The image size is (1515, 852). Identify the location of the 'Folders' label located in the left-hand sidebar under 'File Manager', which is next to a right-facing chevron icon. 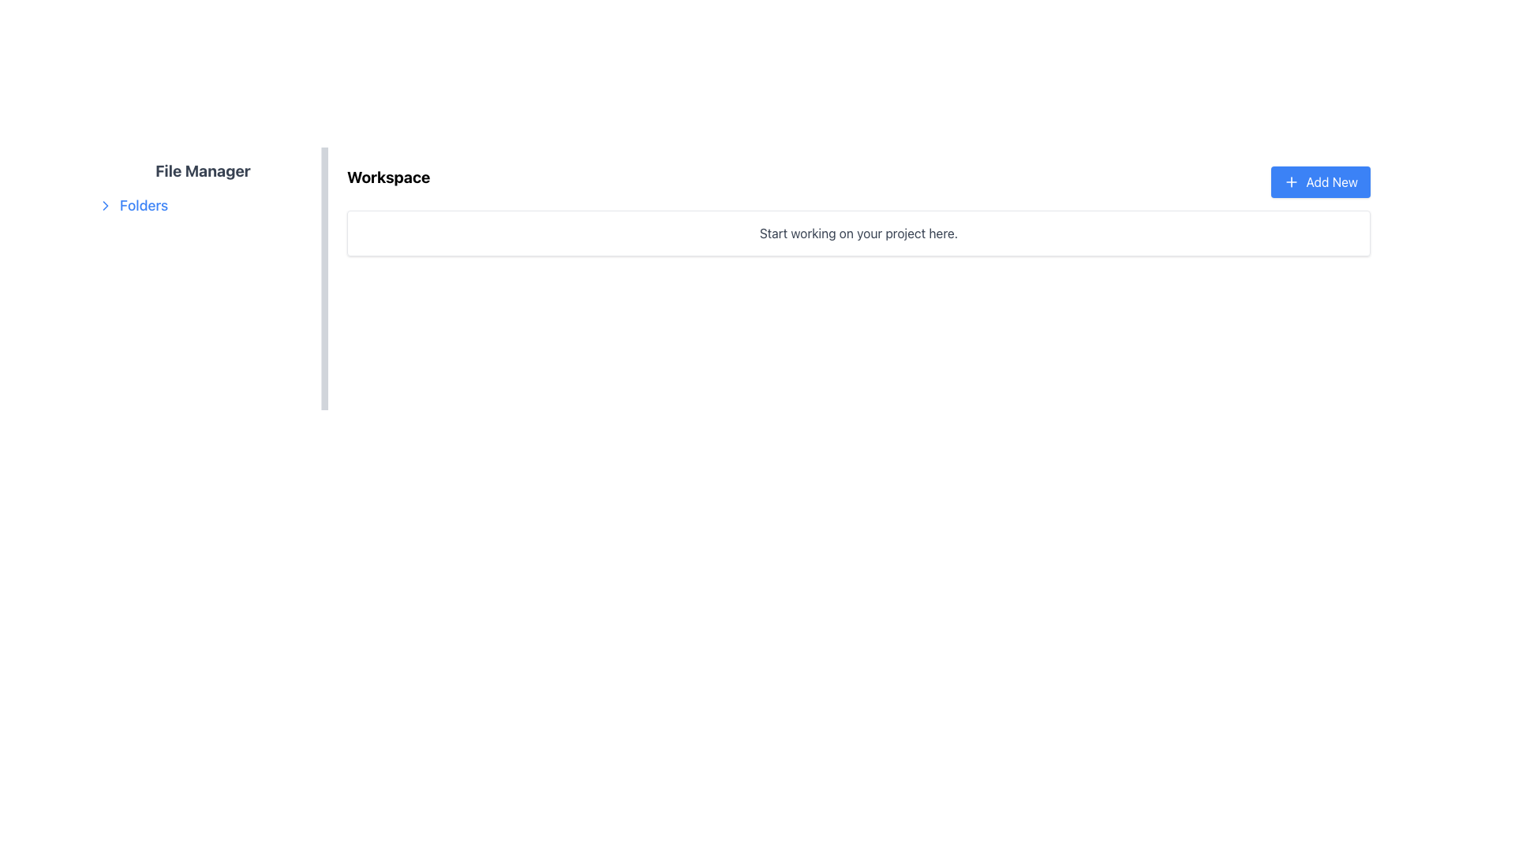
(144, 205).